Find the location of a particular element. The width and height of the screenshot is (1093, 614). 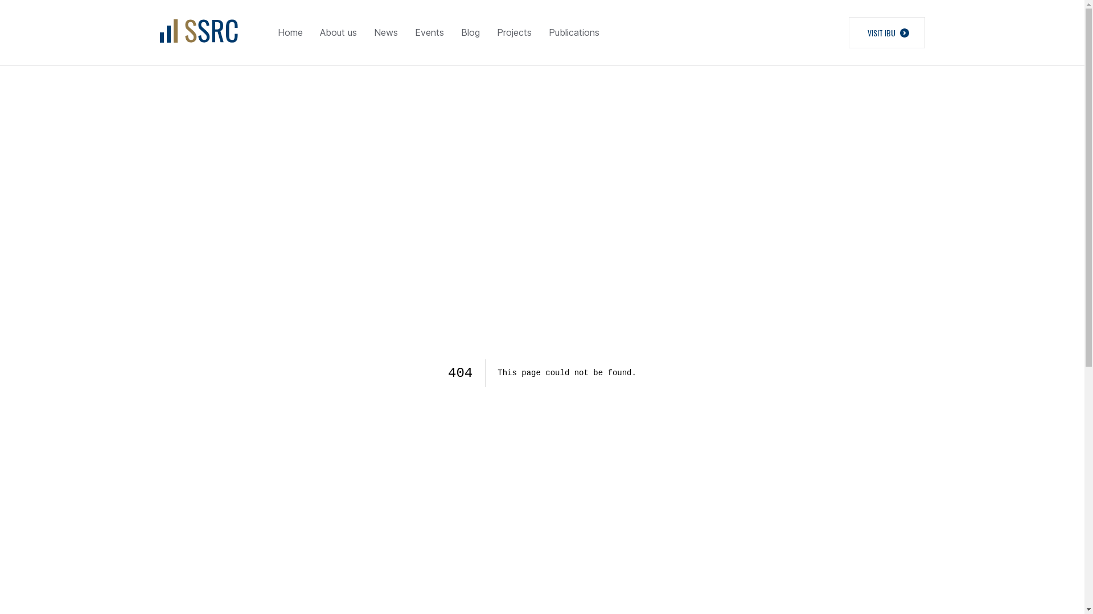

'About us' is located at coordinates (338, 32).